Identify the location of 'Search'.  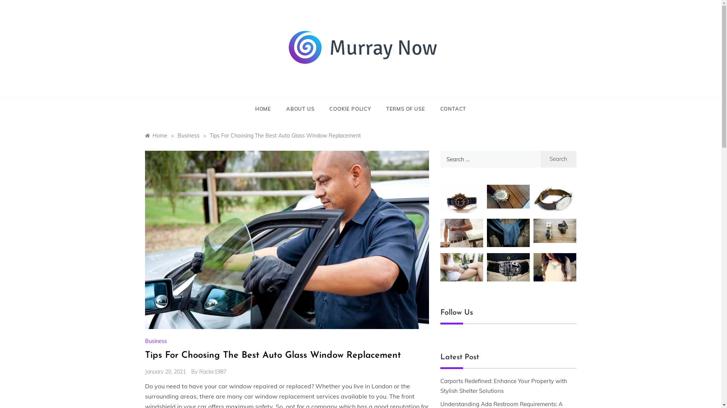
(558, 159).